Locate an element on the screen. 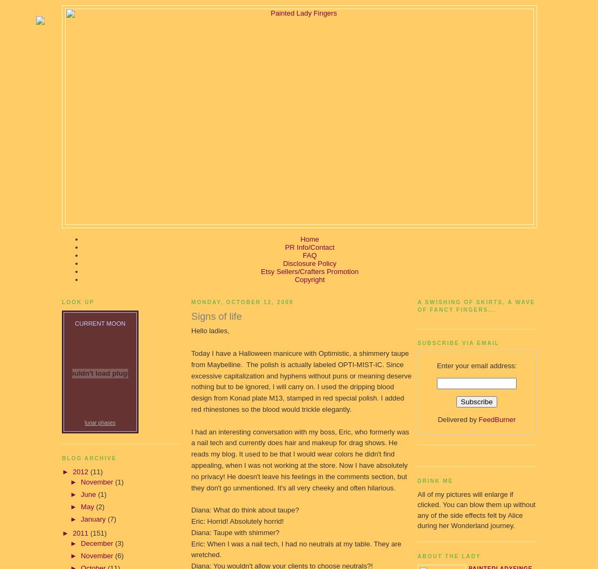  'January' is located at coordinates (93, 518).